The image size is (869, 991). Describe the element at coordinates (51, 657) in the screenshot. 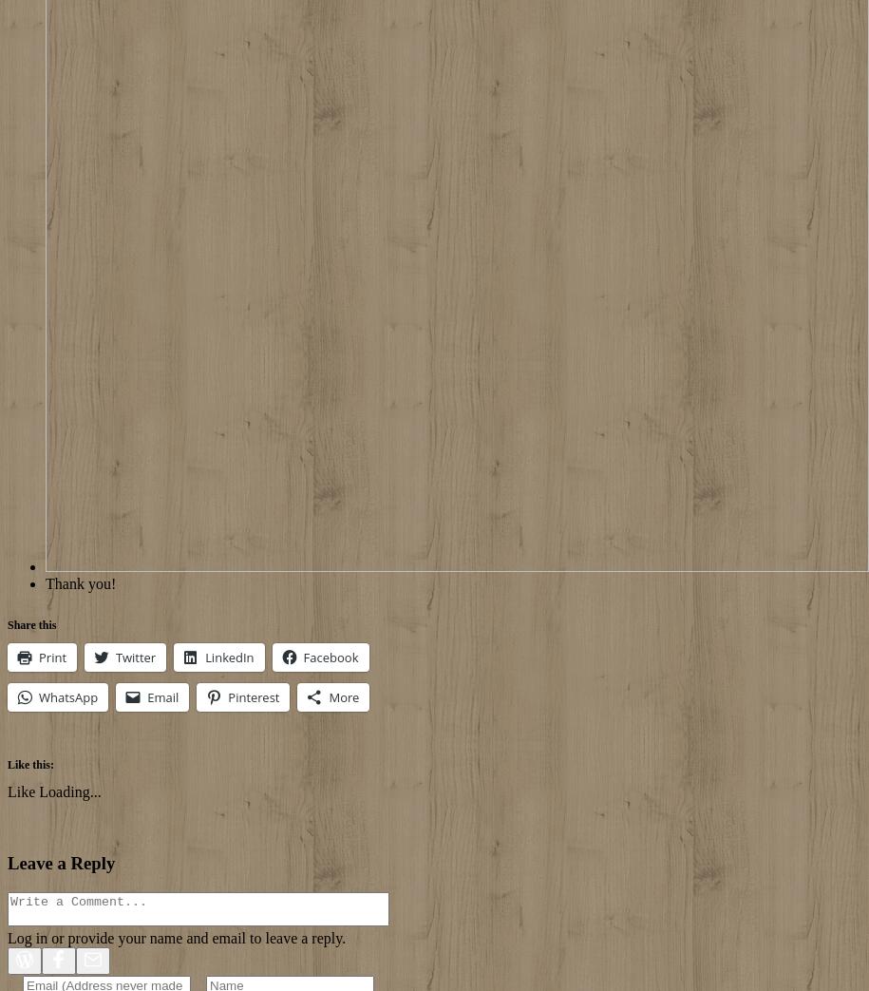

I see `'Print'` at that location.